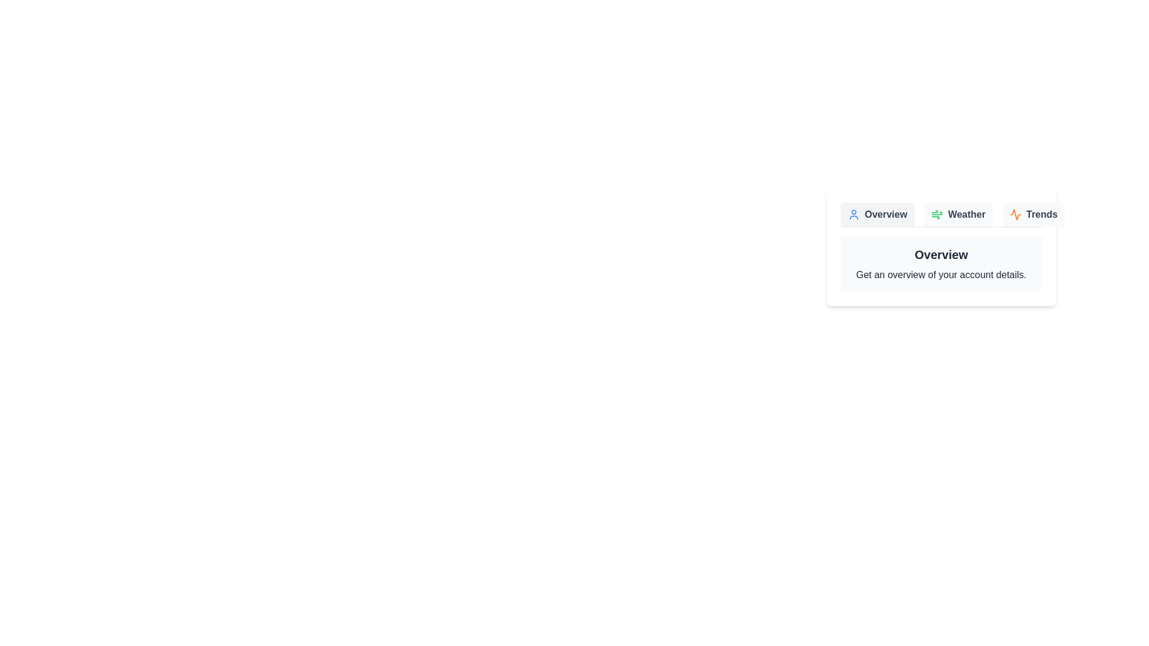 The image size is (1149, 646). I want to click on the tab labeled Trends, so click(1033, 214).